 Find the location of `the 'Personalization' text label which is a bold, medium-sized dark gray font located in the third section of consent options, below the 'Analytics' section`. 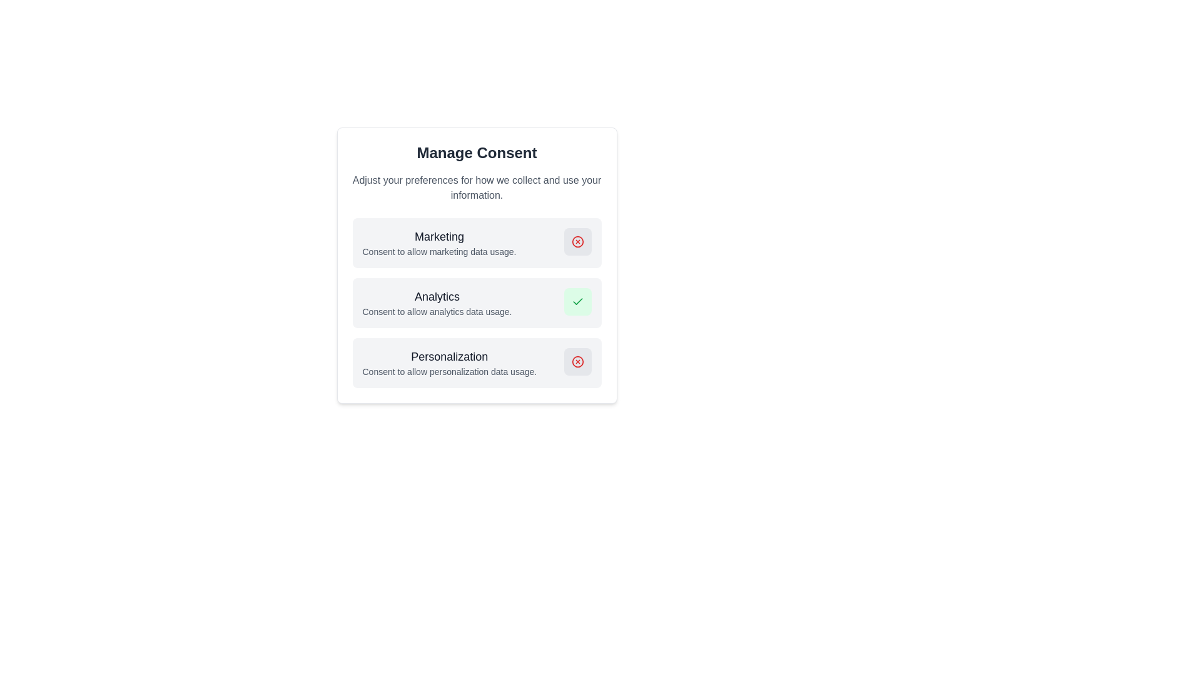

the 'Personalization' text label which is a bold, medium-sized dark gray font located in the third section of consent options, below the 'Analytics' section is located at coordinates (449, 356).